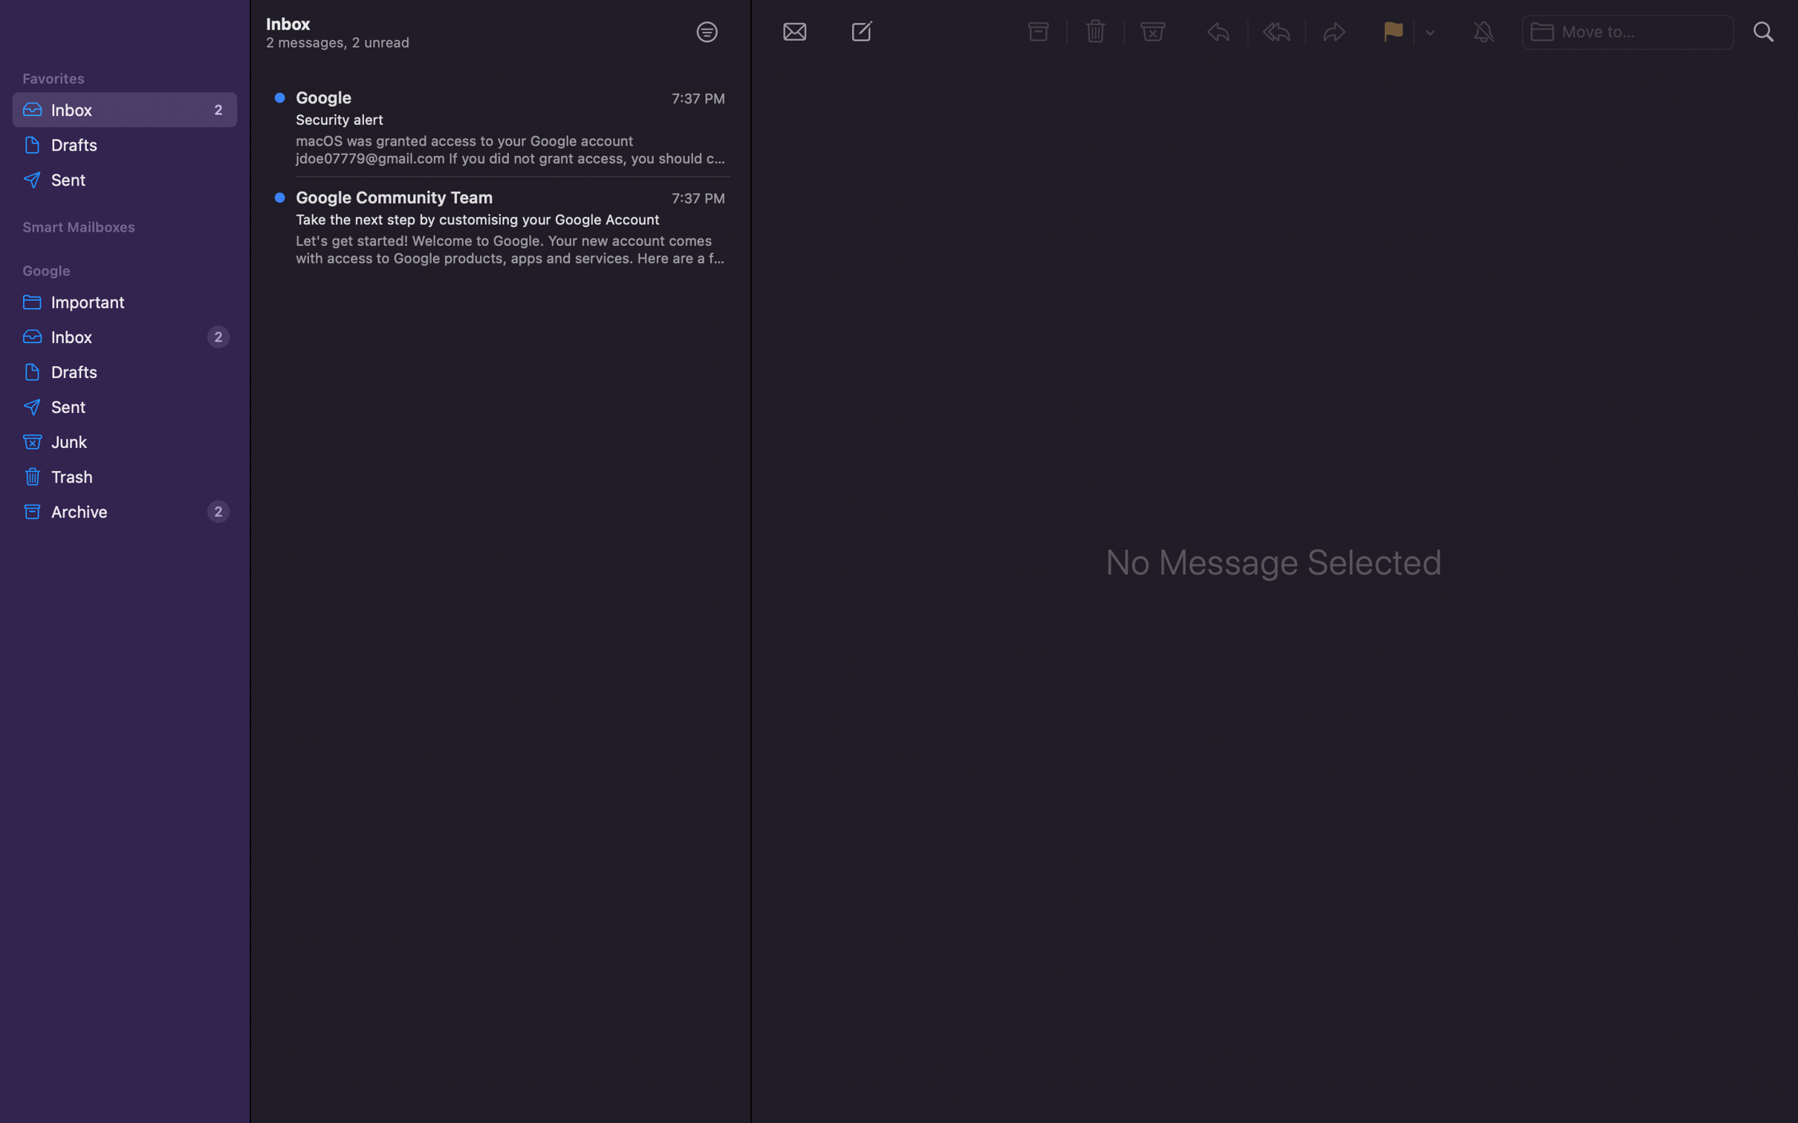 This screenshot has height=1123, width=1798. What do you see at coordinates (1335, 34) in the screenshot?
I see `the function to send on the highlighted message` at bounding box center [1335, 34].